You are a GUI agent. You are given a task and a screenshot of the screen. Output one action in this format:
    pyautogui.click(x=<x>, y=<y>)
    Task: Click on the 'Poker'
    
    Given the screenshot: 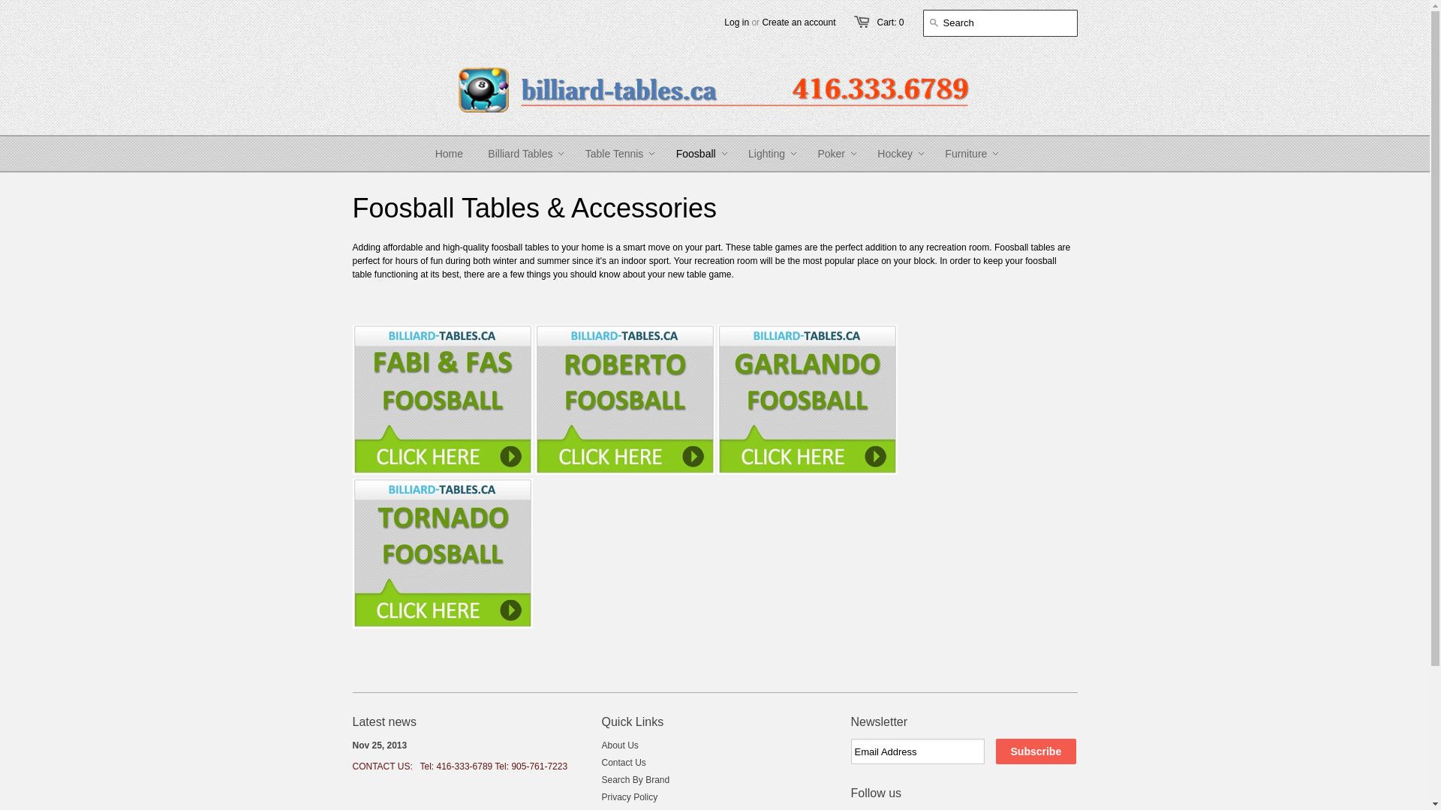 What is the action you would take?
    pyautogui.click(x=830, y=153)
    